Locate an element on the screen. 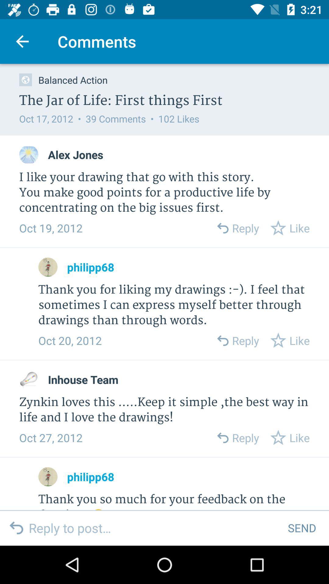 The image size is (329, 584). profile picture is located at coordinates (29, 155).